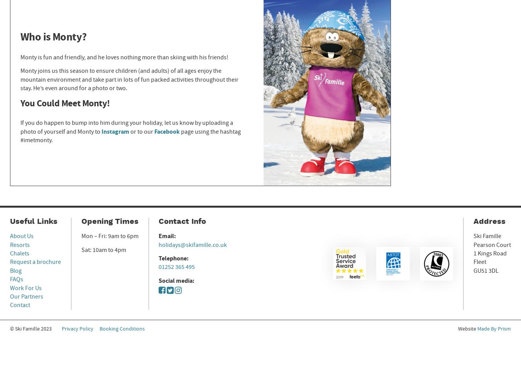 The image size is (521, 371). Describe the element at coordinates (480, 262) in the screenshot. I see `'Fleet'` at that location.